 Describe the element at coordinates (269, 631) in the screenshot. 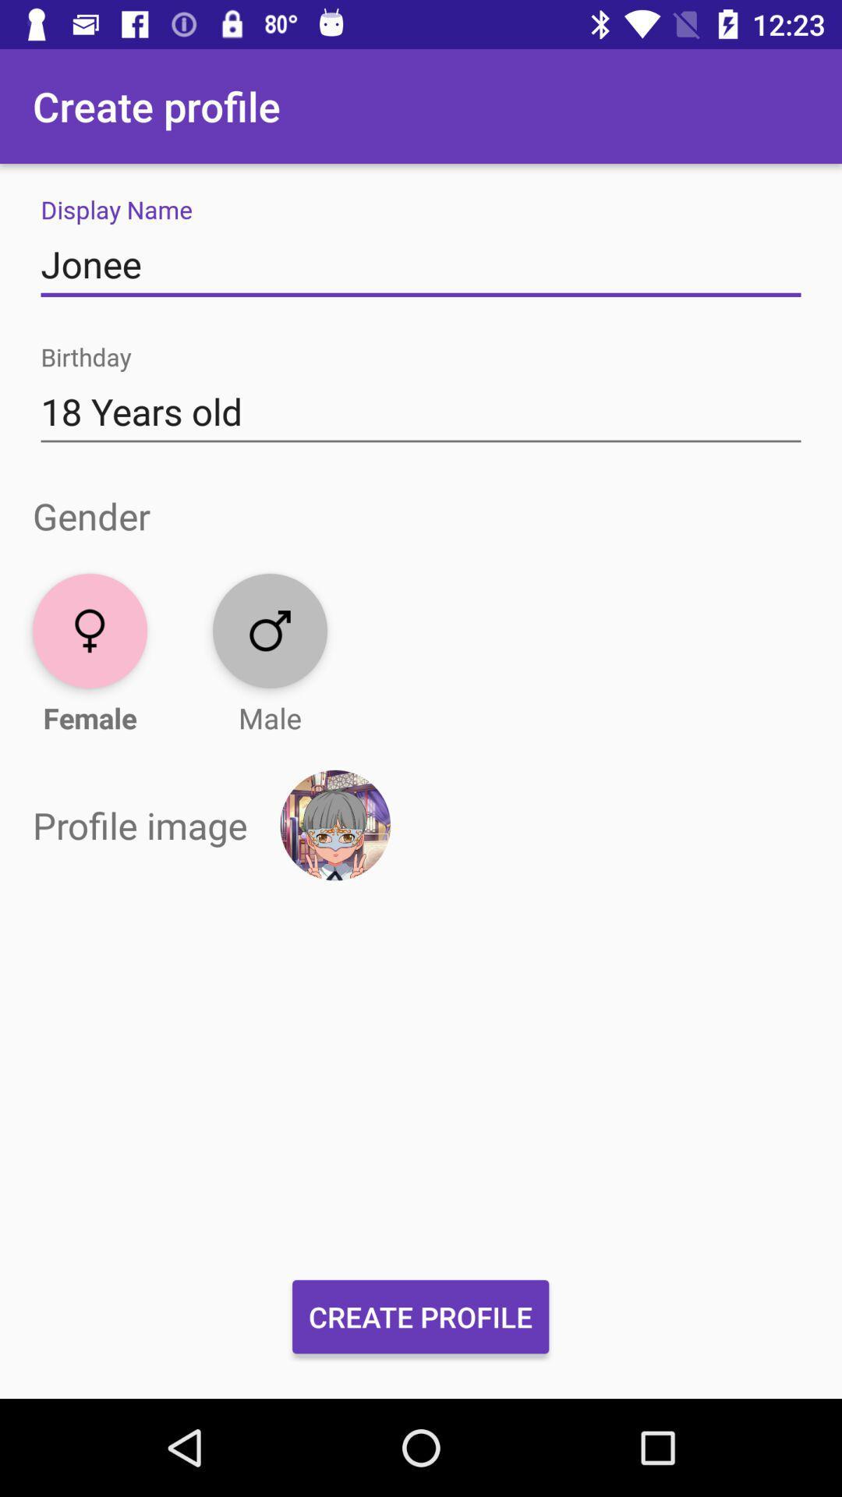

I see `gender option` at that location.